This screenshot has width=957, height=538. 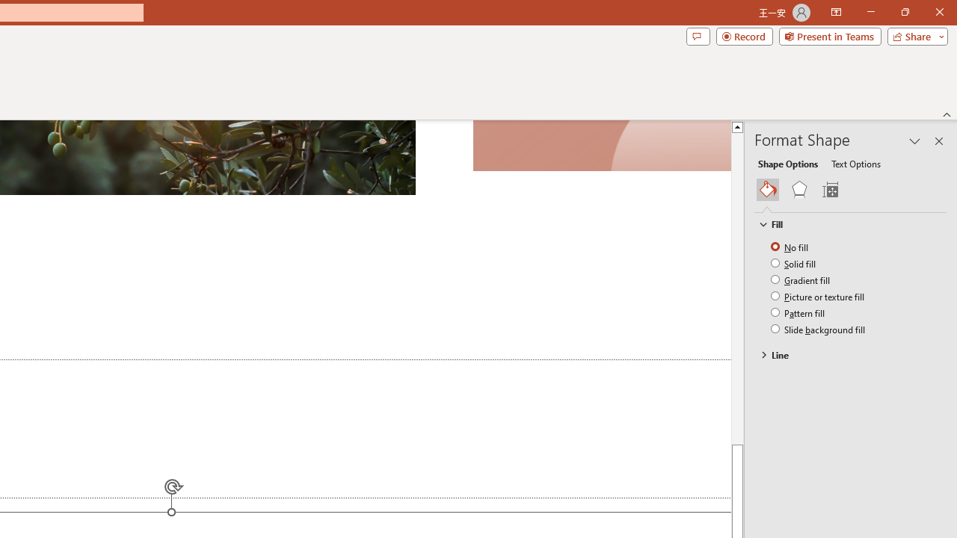 What do you see at coordinates (818, 296) in the screenshot?
I see `'Picture or texture fill'` at bounding box center [818, 296].